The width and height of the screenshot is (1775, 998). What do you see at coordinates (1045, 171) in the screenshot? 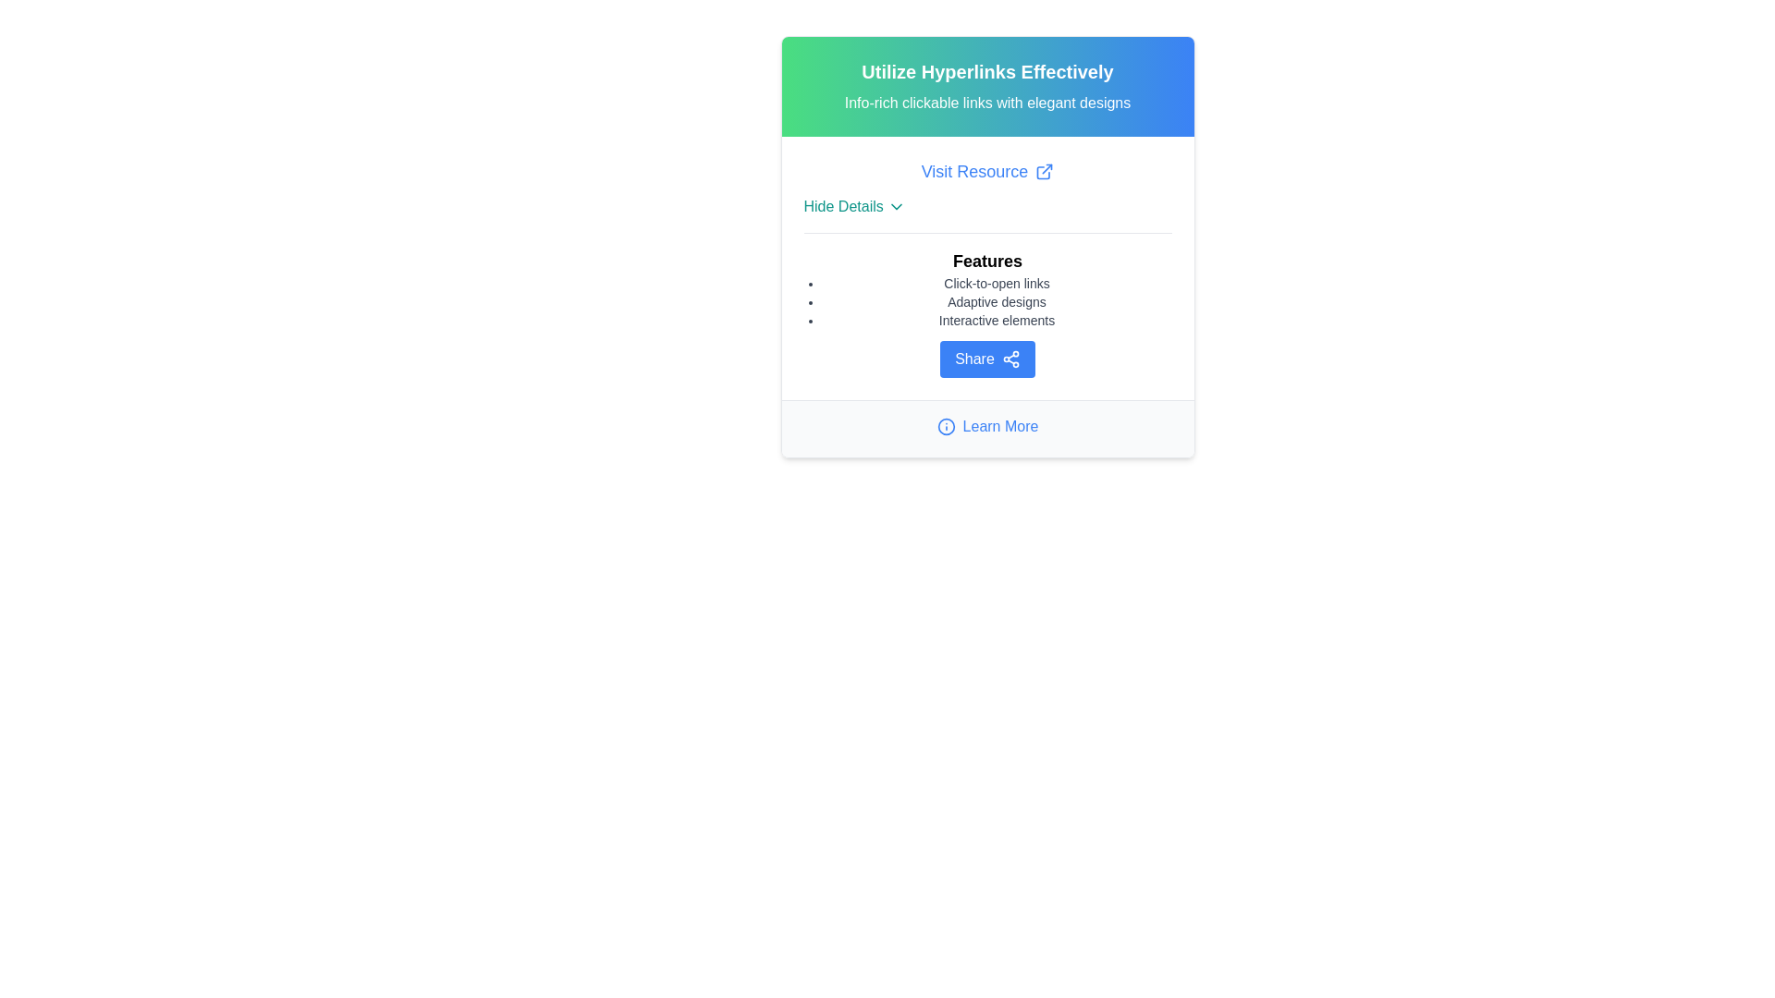
I see `the external link icon located at the top-right of the 'Visit Resource' text` at bounding box center [1045, 171].